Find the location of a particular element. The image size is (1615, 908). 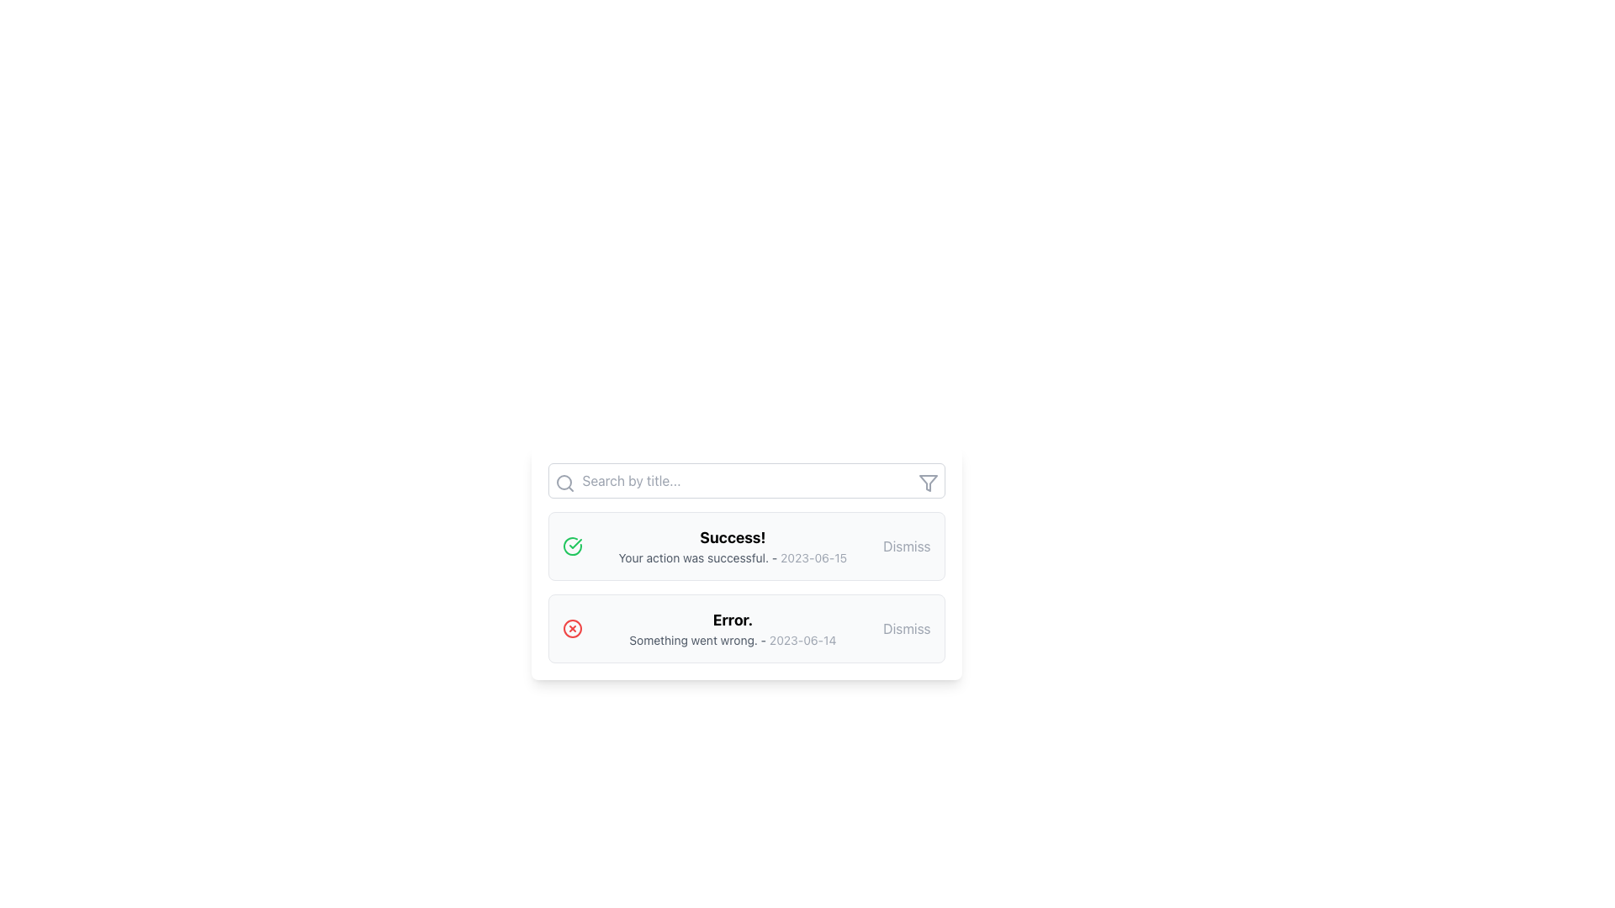

the decorative SVG graphical component of the filter icon located at the top-right corner of the search bar is located at coordinates (927, 483).